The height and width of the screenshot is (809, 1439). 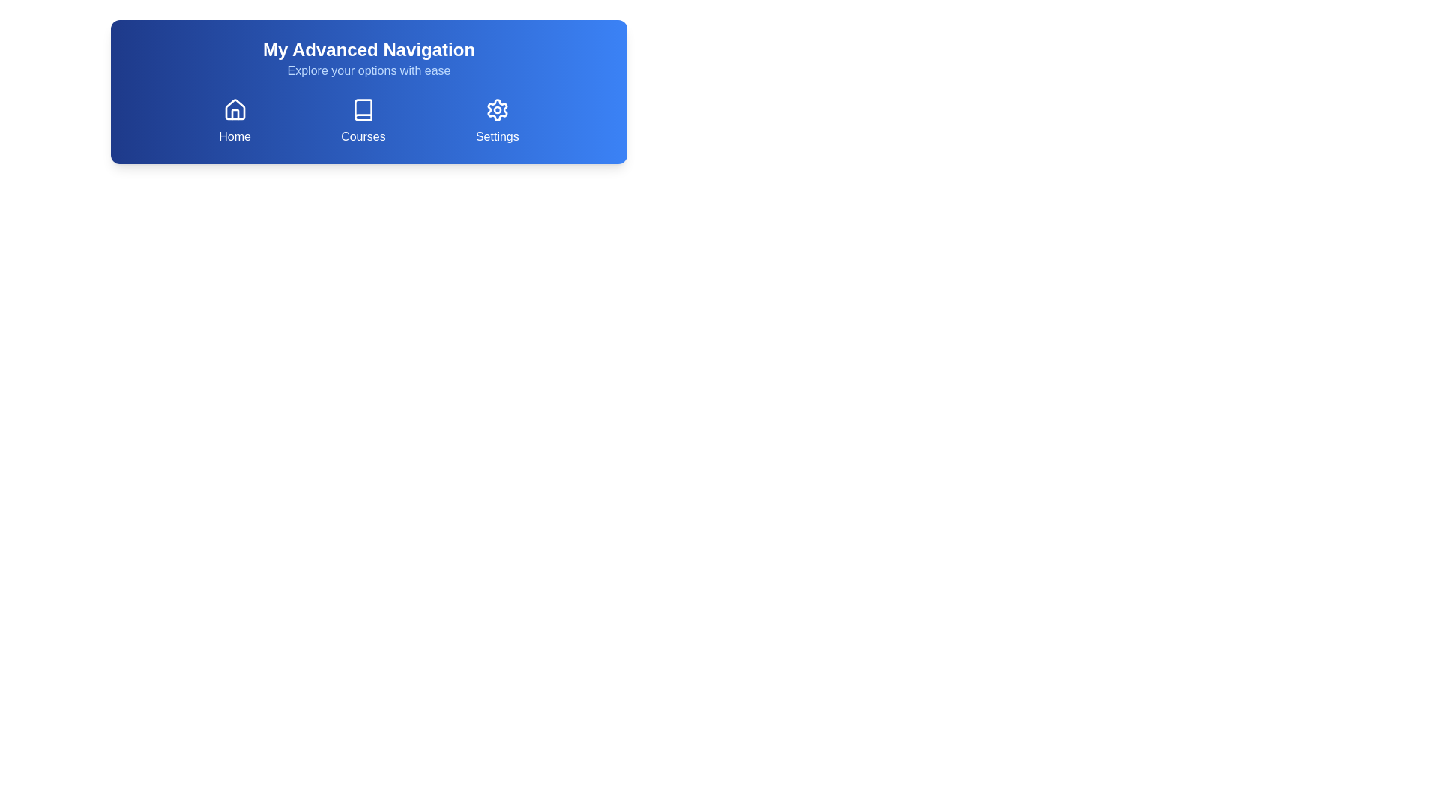 What do you see at coordinates (497, 136) in the screenshot?
I see `the settings option text label 'Settings' located below the gear-shaped icon in the navigation menu` at bounding box center [497, 136].